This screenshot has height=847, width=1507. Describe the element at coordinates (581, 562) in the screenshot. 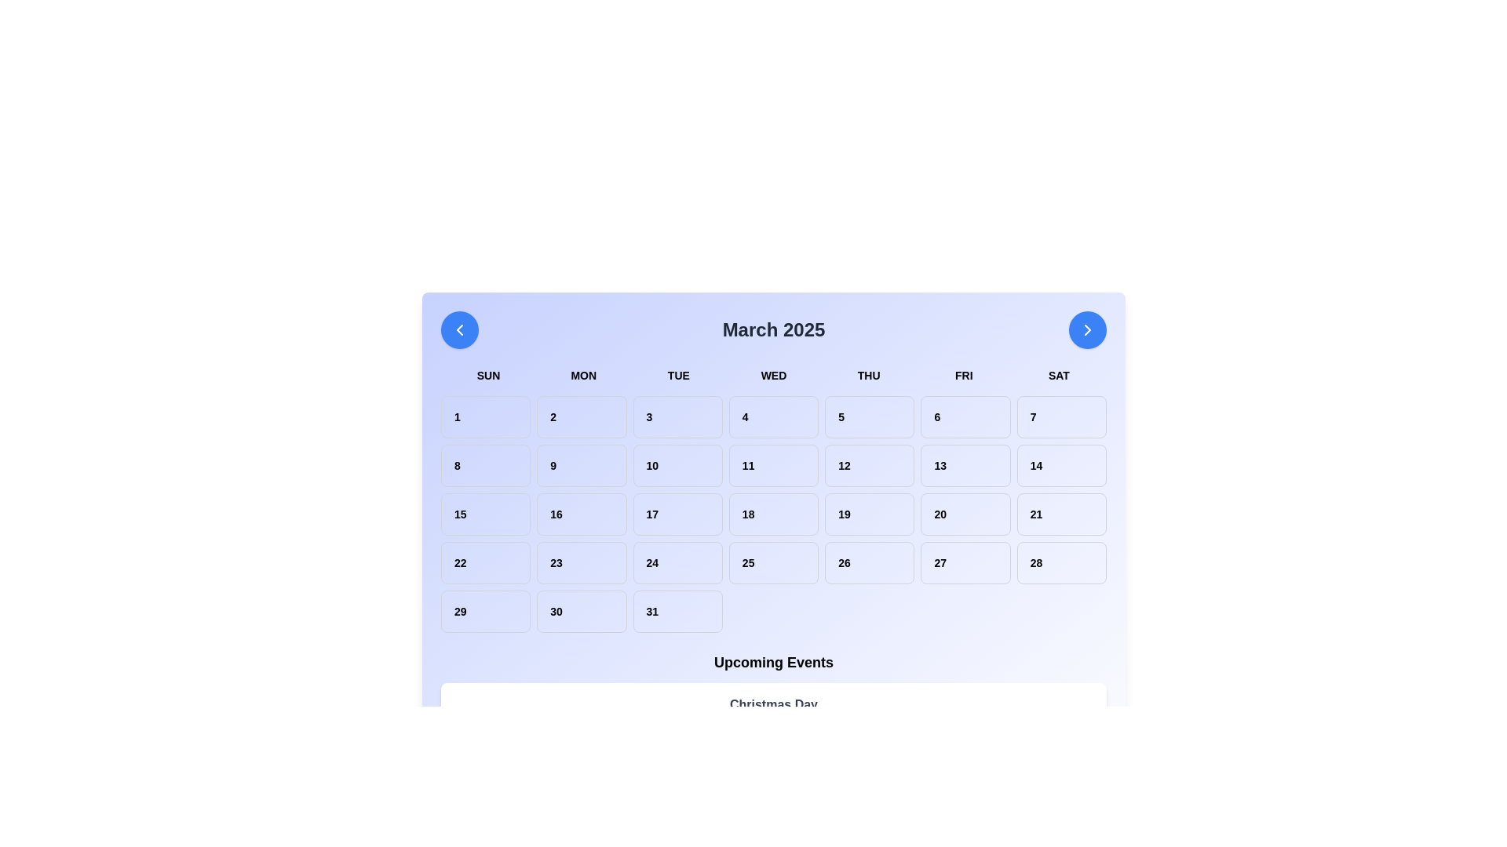

I see `the rectangular button displaying the number '23' with a light blue background located in the fourth row and sixth column under 'MON'` at that location.